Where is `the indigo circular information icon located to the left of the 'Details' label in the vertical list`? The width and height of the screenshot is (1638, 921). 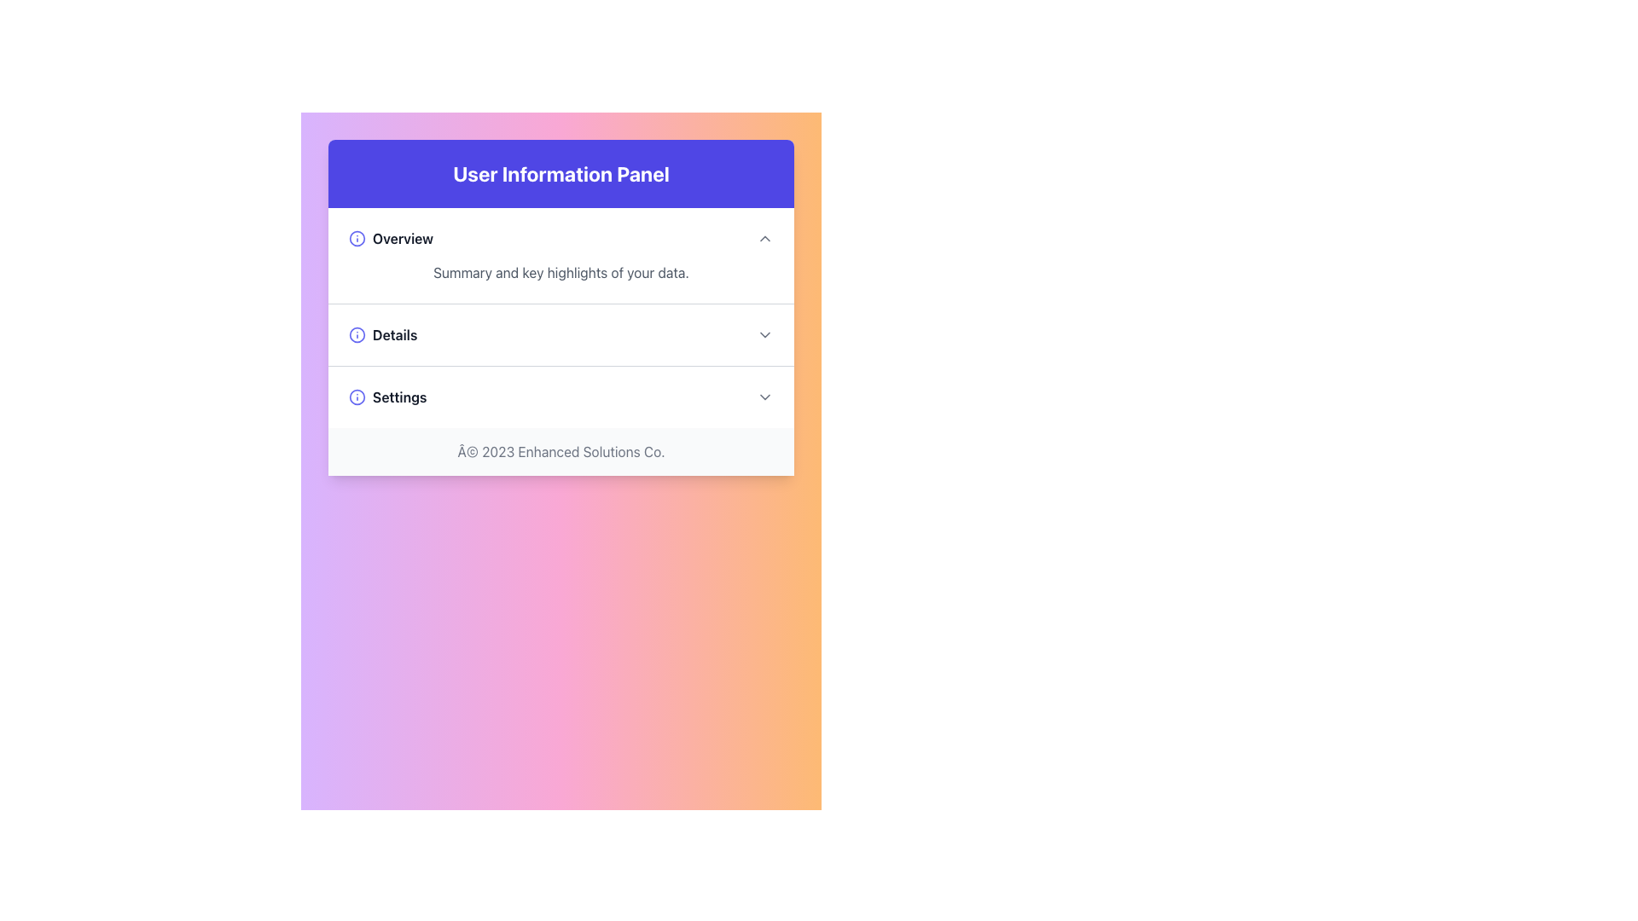 the indigo circular information icon located to the left of the 'Details' label in the vertical list is located at coordinates (356, 335).